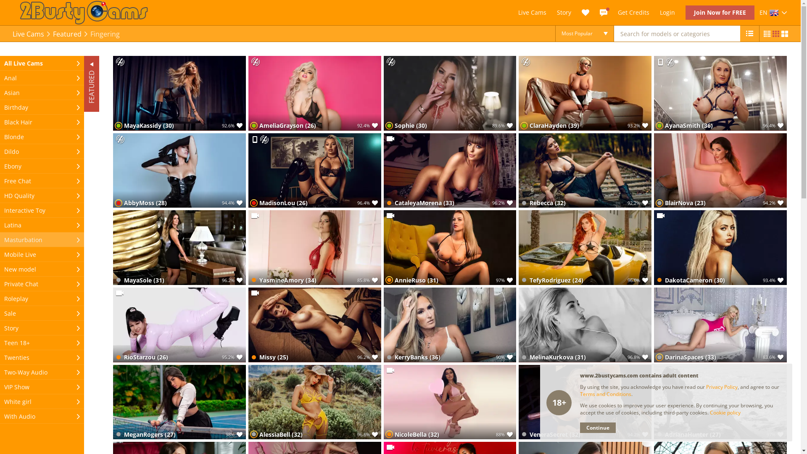 This screenshot has height=454, width=807. Describe the element at coordinates (42, 240) in the screenshot. I see `'Masturbation'` at that location.